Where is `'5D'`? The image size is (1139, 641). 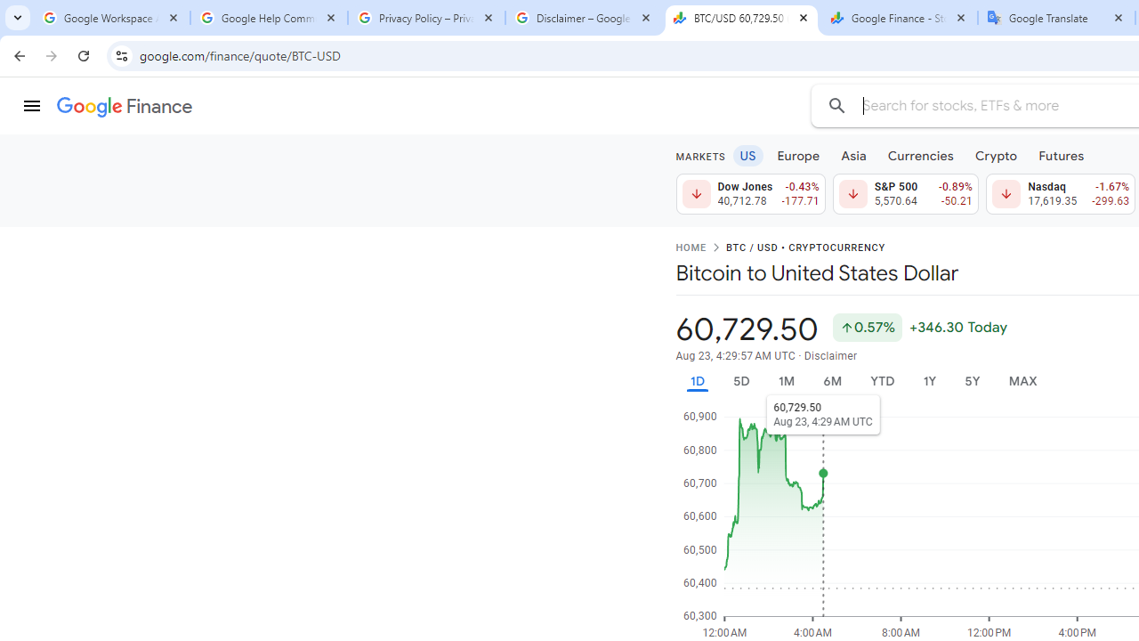
'5D' is located at coordinates (740, 380).